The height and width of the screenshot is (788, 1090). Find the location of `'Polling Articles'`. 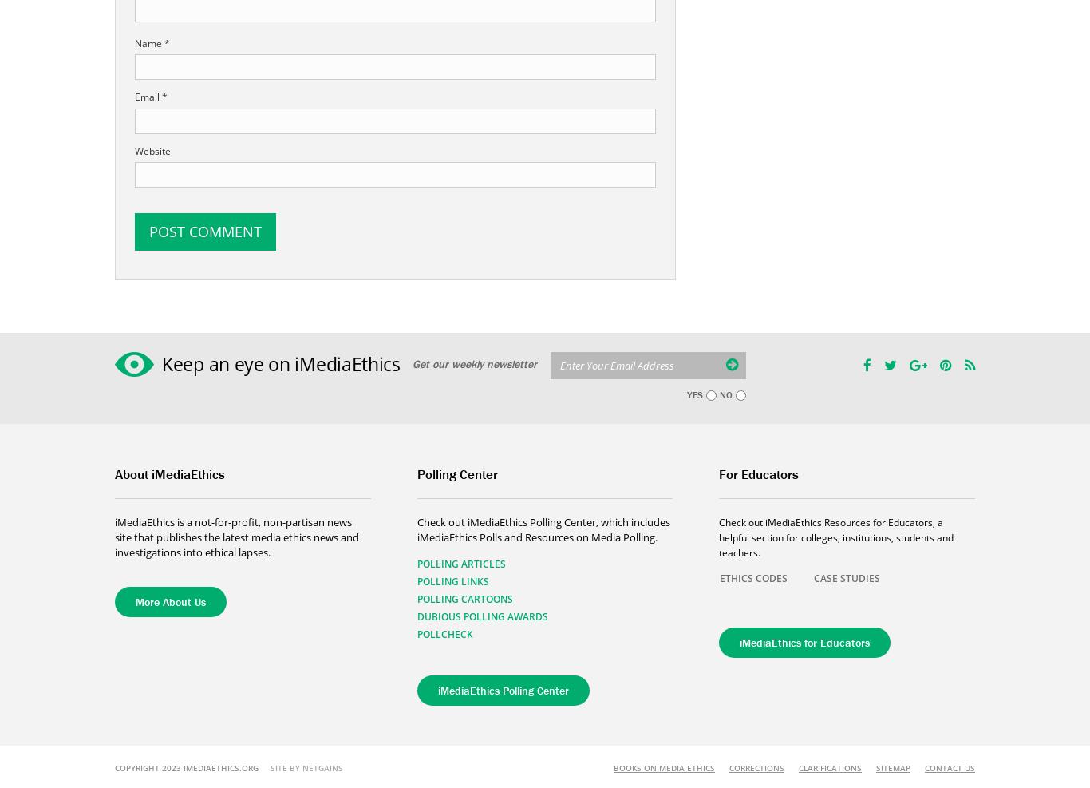

'Polling Articles' is located at coordinates (460, 563).